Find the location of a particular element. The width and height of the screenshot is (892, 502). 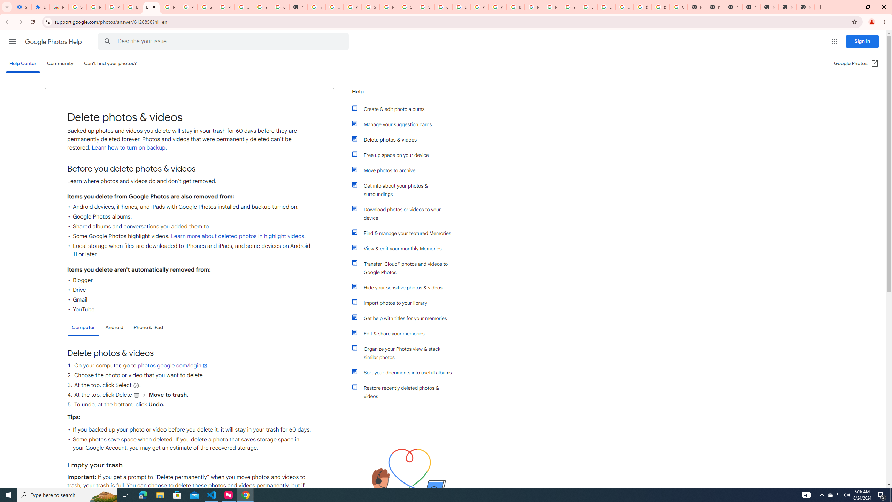

'Extensions' is located at coordinates (40, 7).